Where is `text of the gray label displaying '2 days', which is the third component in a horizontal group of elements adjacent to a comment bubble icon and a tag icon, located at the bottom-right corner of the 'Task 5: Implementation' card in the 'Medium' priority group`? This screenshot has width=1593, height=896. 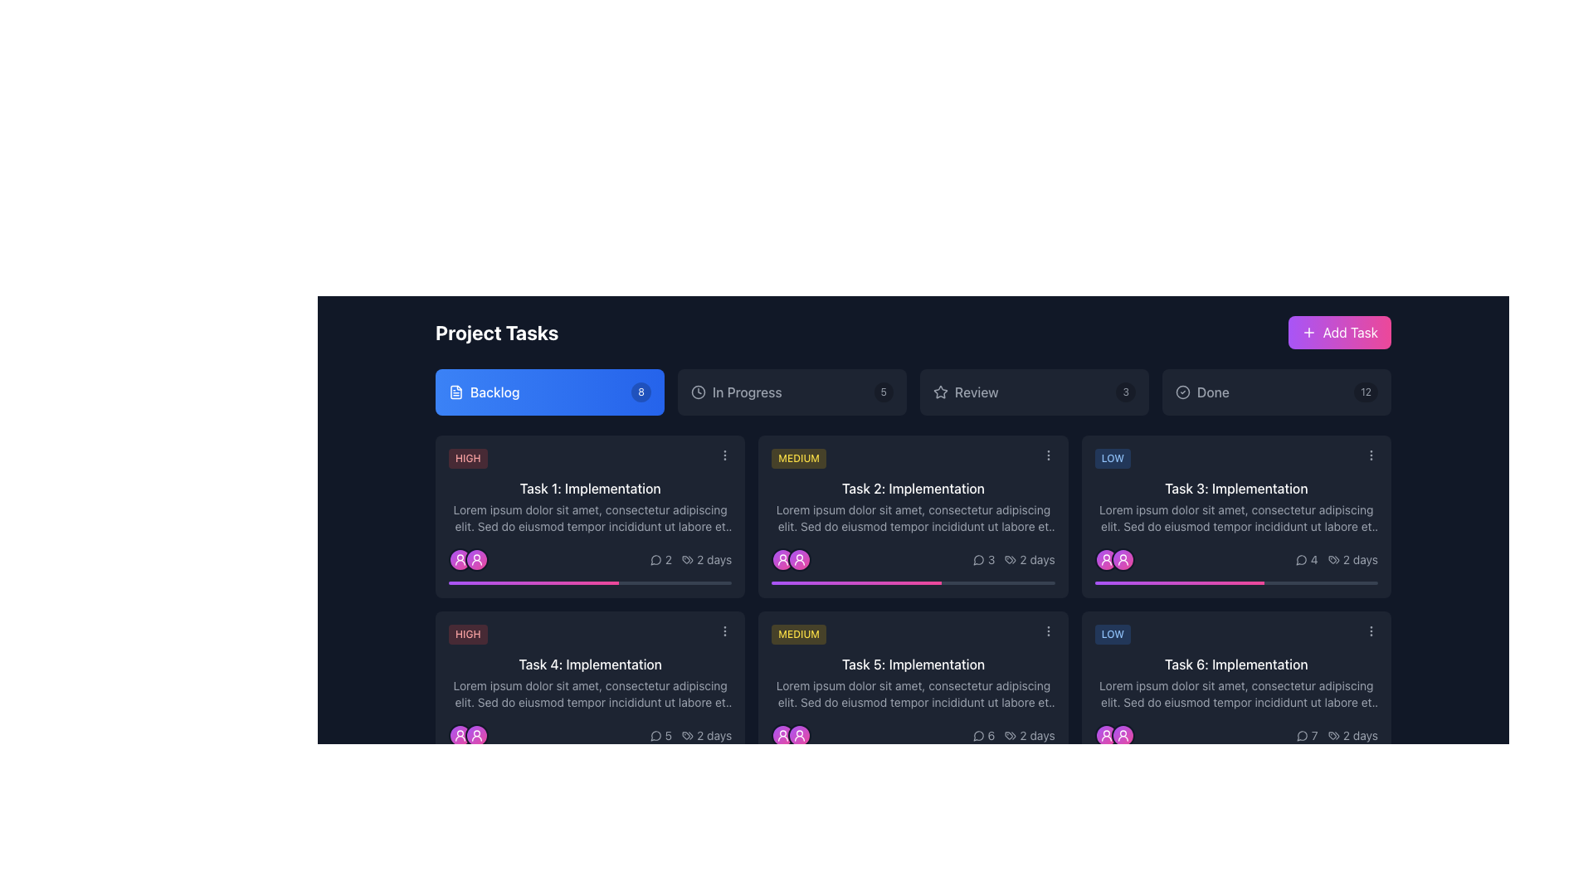 text of the gray label displaying '2 days', which is the third component in a horizontal group of elements adjacent to a comment bubble icon and a tag icon, located at the bottom-right corner of the 'Task 5: Implementation' card in the 'Medium' priority group is located at coordinates (1013, 735).